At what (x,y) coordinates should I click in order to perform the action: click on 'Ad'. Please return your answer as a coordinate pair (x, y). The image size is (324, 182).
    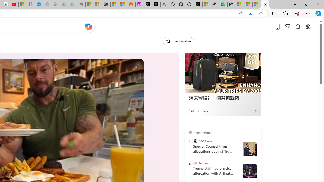
    Looking at the image, I should click on (192, 111).